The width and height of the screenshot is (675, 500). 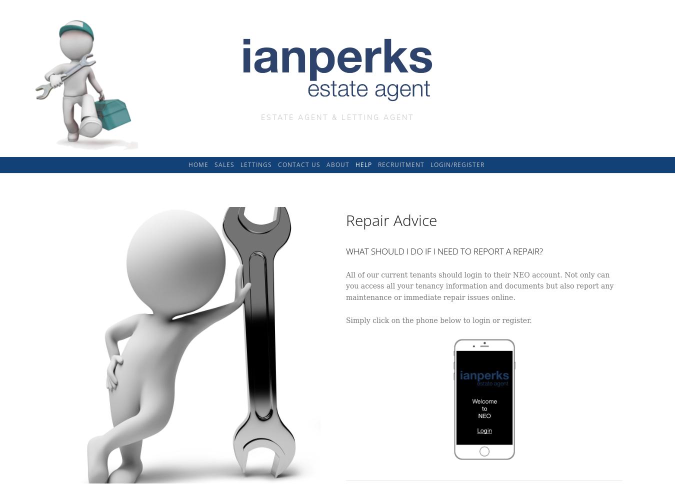 I want to click on 'Contact Us', so click(x=298, y=163).